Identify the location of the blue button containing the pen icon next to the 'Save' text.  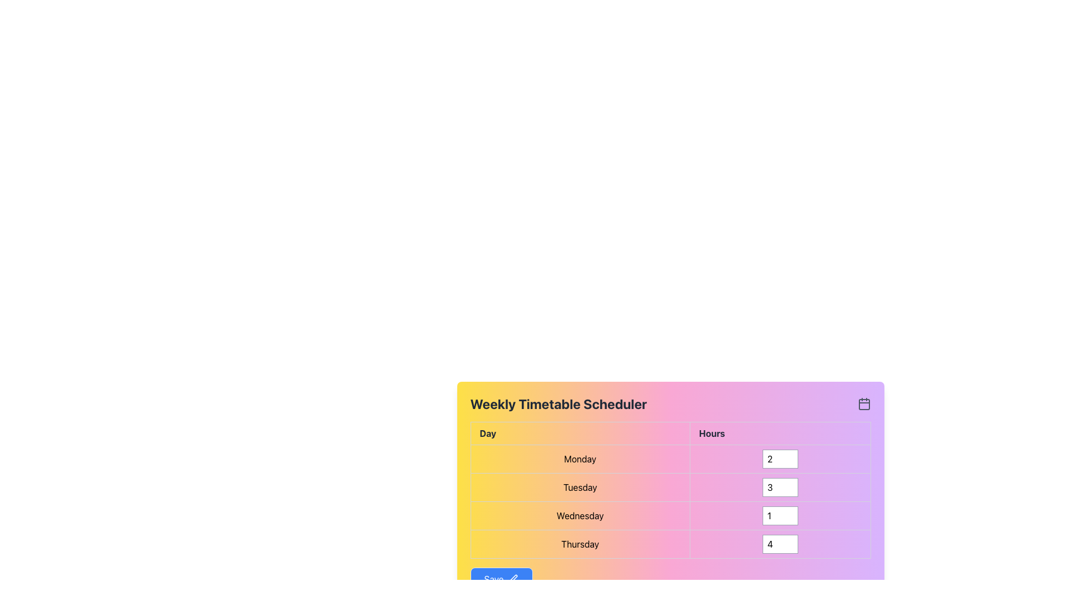
(513, 579).